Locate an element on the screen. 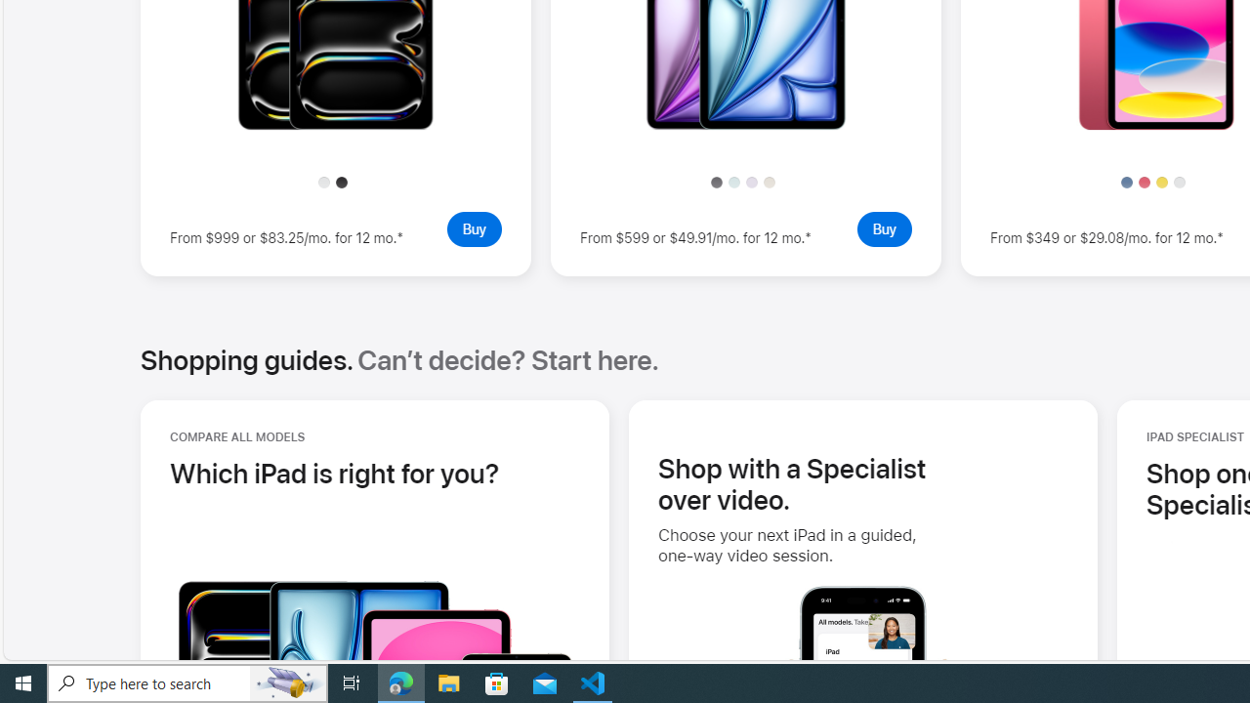 The width and height of the screenshot is (1250, 703). 'Space Gray' is located at coordinates (716, 182).